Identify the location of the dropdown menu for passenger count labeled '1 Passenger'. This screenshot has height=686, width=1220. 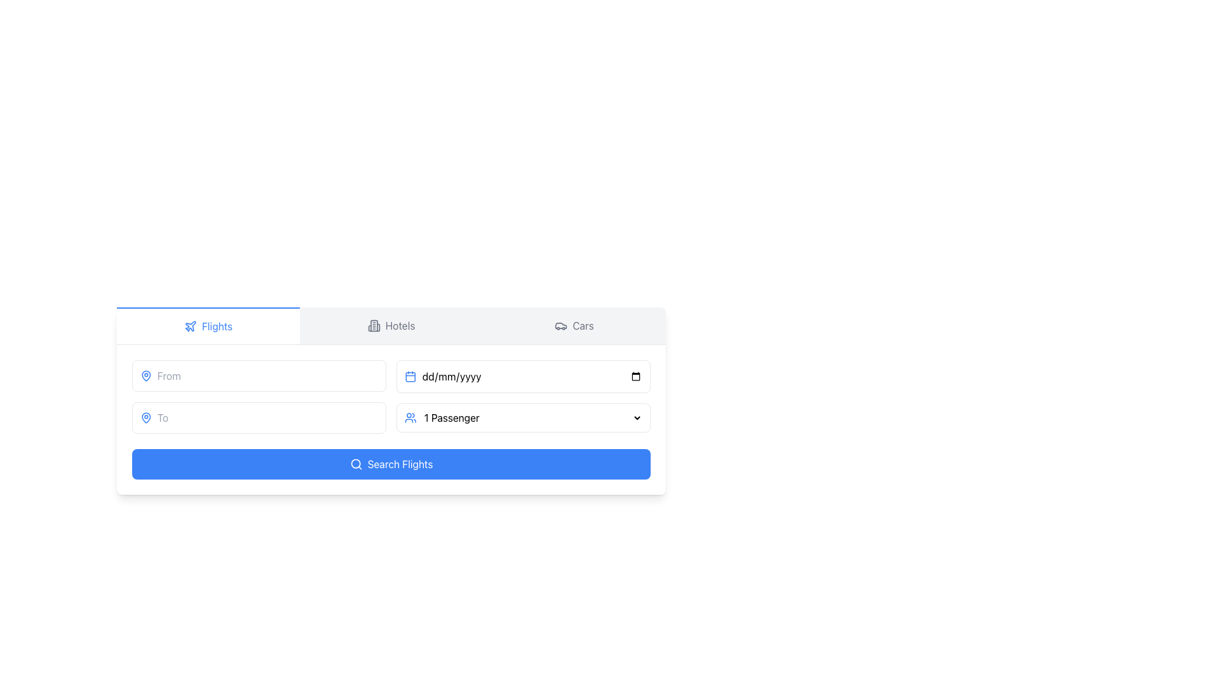
(532, 418).